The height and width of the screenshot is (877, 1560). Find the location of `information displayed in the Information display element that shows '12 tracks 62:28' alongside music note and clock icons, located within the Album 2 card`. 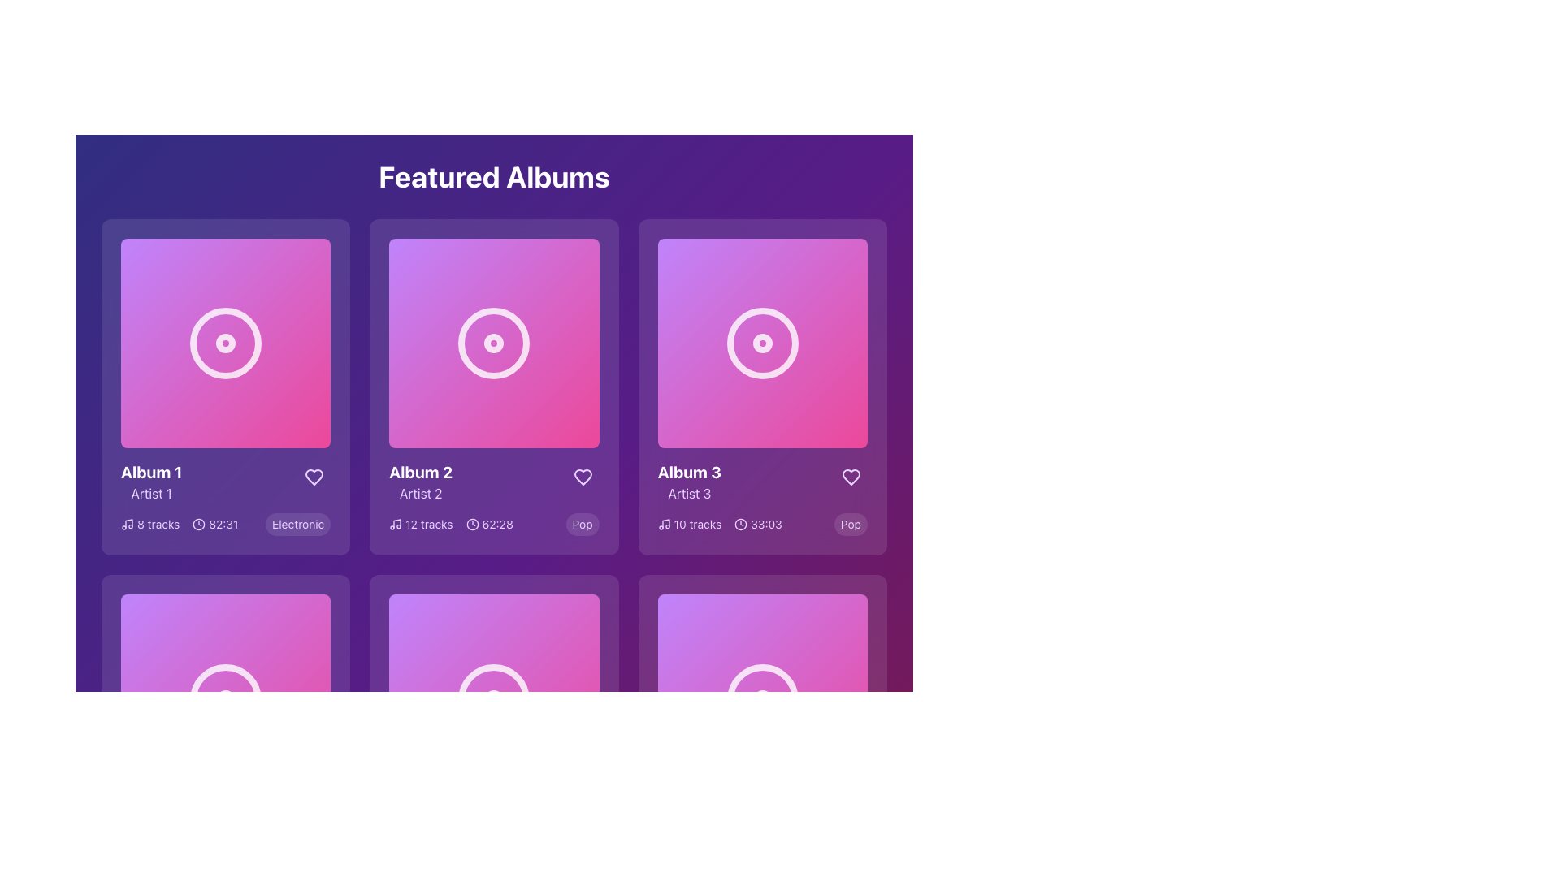

information displayed in the Information display element that shows '12 tracks 62:28' alongside music note and clock icons, located within the Album 2 card is located at coordinates (451, 525).